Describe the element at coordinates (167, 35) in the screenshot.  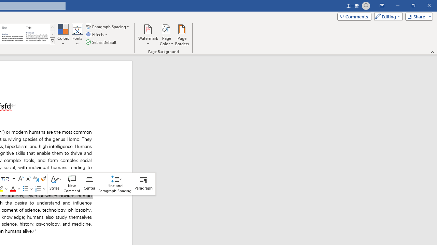
I see `'Page Color'` at that location.